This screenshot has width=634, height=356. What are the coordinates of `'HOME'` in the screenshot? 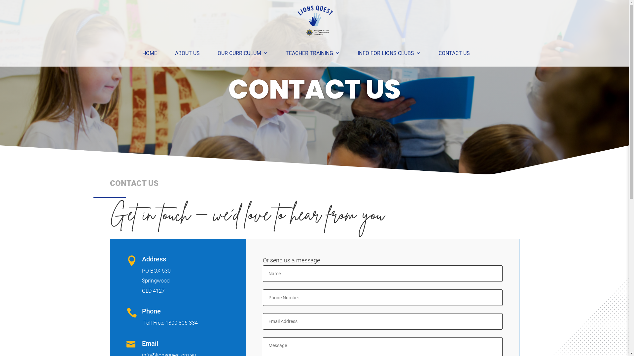 It's located at (149, 53).